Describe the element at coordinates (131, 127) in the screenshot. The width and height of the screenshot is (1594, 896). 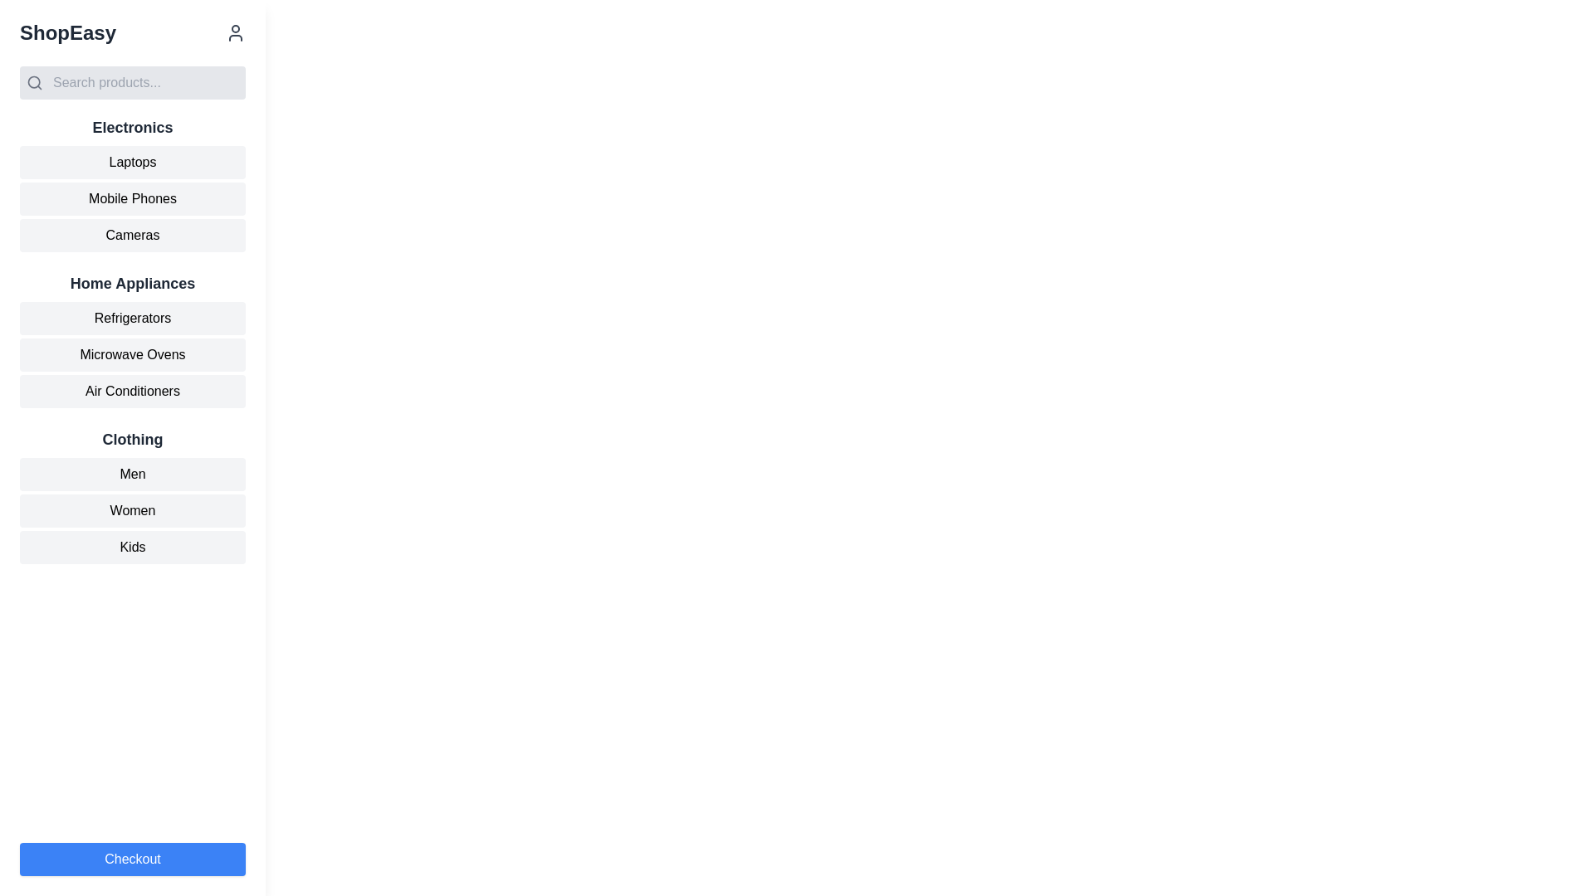
I see `the bold, large-text header labeled 'Electronics' located in the navigation sidebar` at that location.